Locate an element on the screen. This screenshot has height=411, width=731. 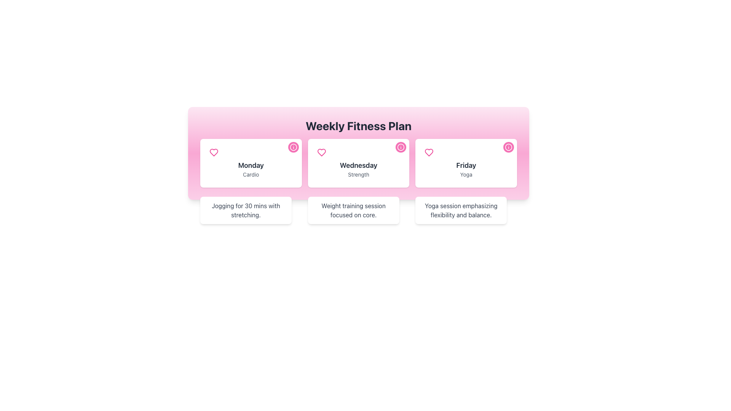
the informational indicator icon located at the top-right corner of the card associated with 'Friday' and 'Yoga' is located at coordinates (508, 147).